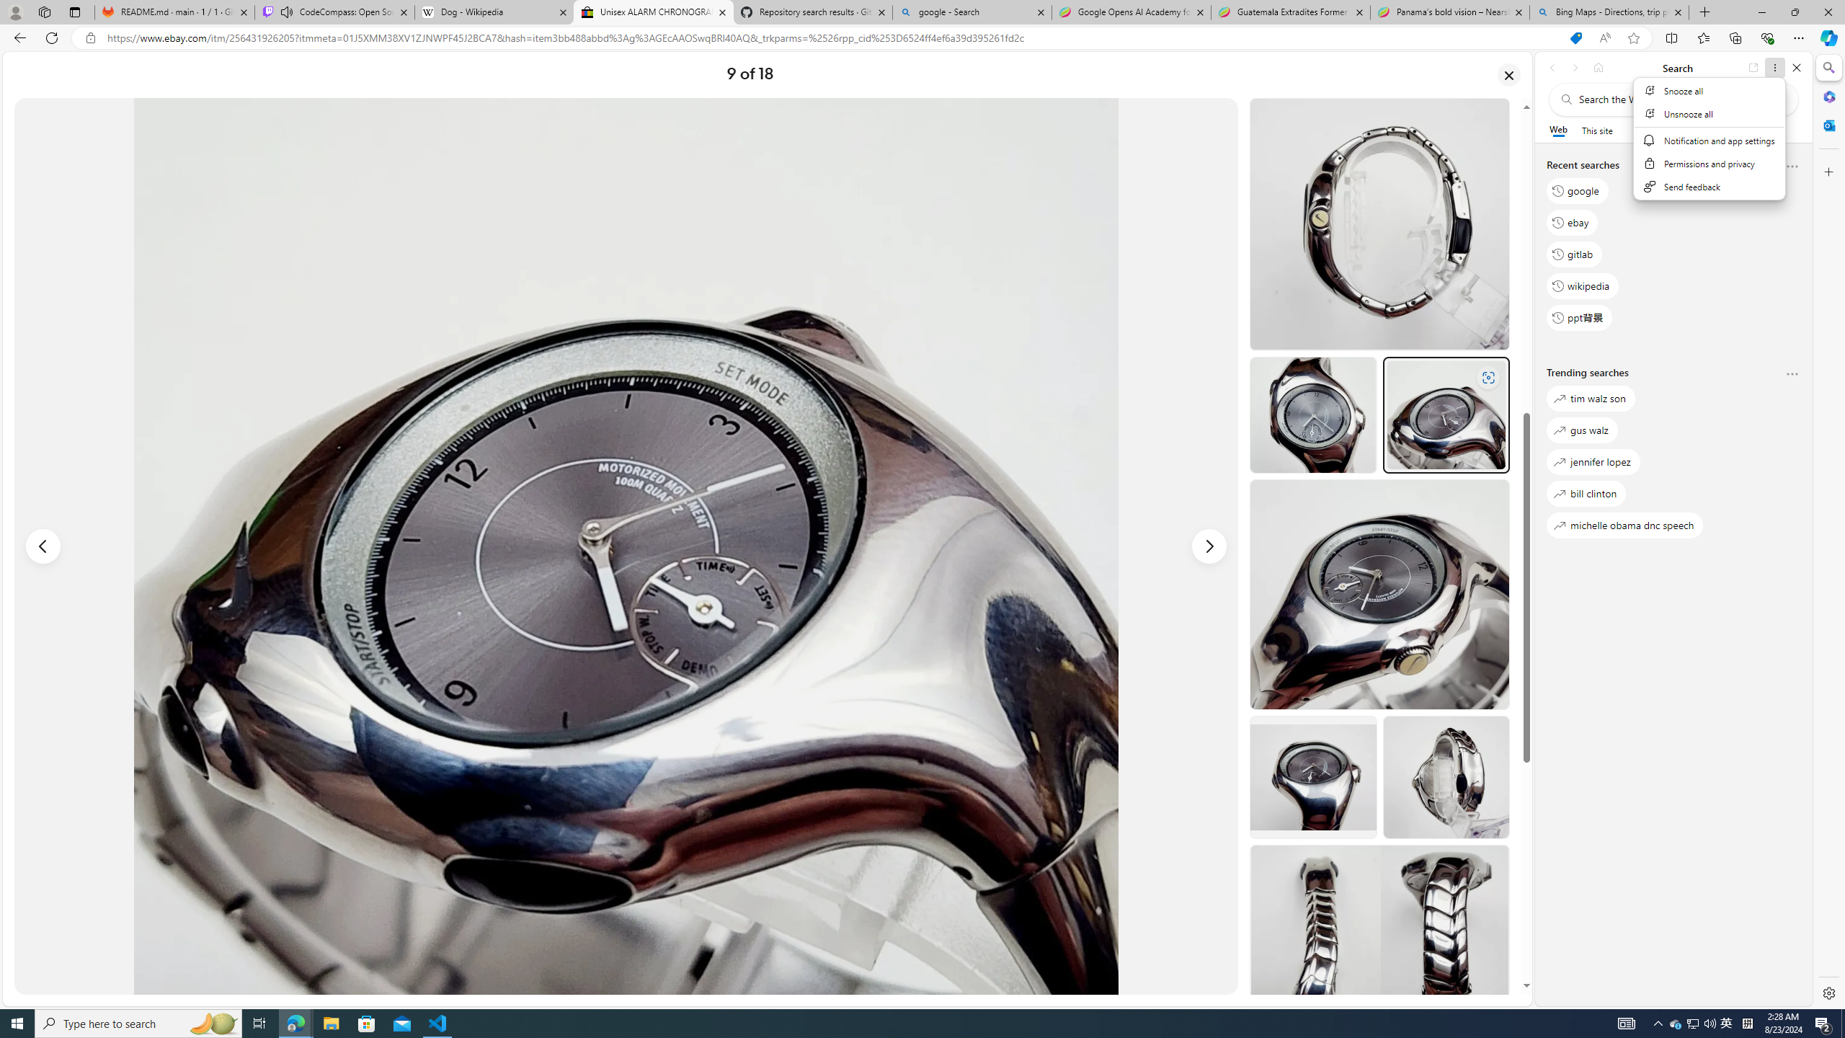 Image resolution: width=1845 pixels, height=1038 pixels. What do you see at coordinates (43, 546) in the screenshot?
I see `'Previous image - Item images thumbnails'` at bounding box center [43, 546].